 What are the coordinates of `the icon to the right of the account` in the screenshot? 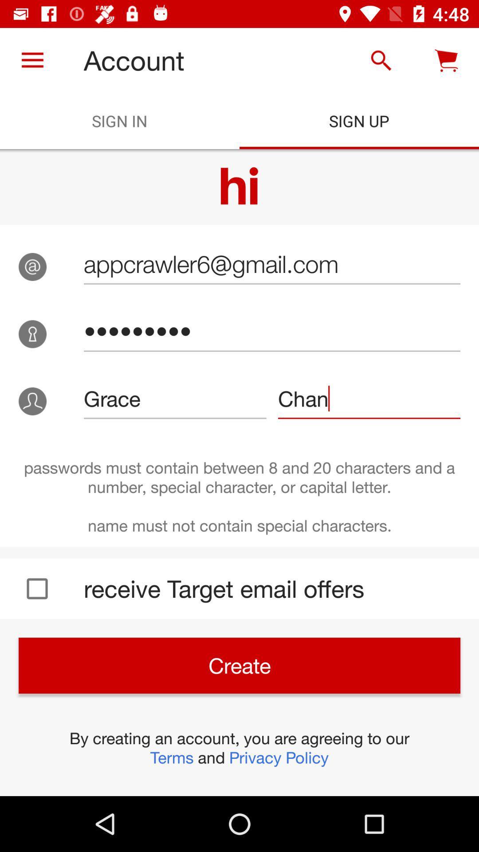 It's located at (381, 60).